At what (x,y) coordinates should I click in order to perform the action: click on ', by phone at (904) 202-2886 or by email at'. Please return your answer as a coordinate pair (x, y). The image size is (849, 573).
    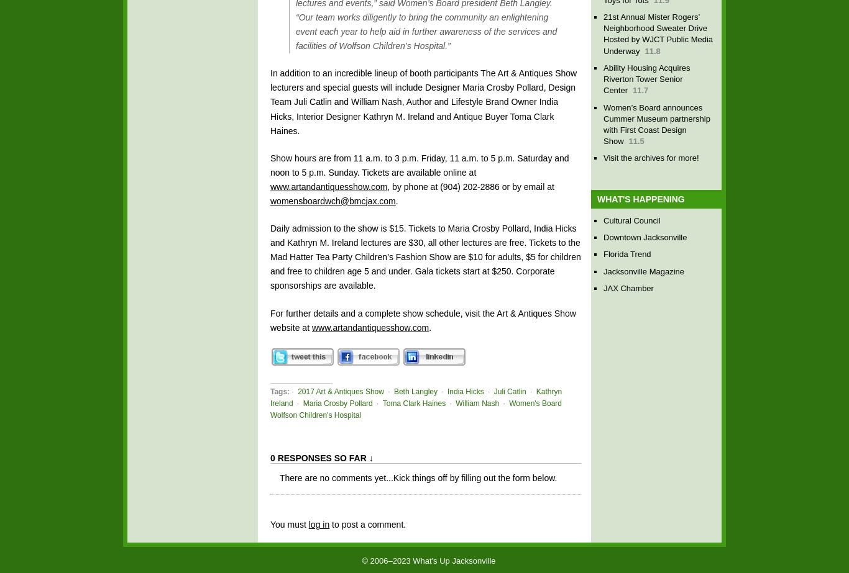
    Looking at the image, I should click on (470, 186).